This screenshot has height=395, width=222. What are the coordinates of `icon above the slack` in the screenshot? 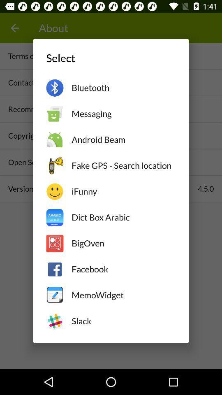 It's located at (123, 295).